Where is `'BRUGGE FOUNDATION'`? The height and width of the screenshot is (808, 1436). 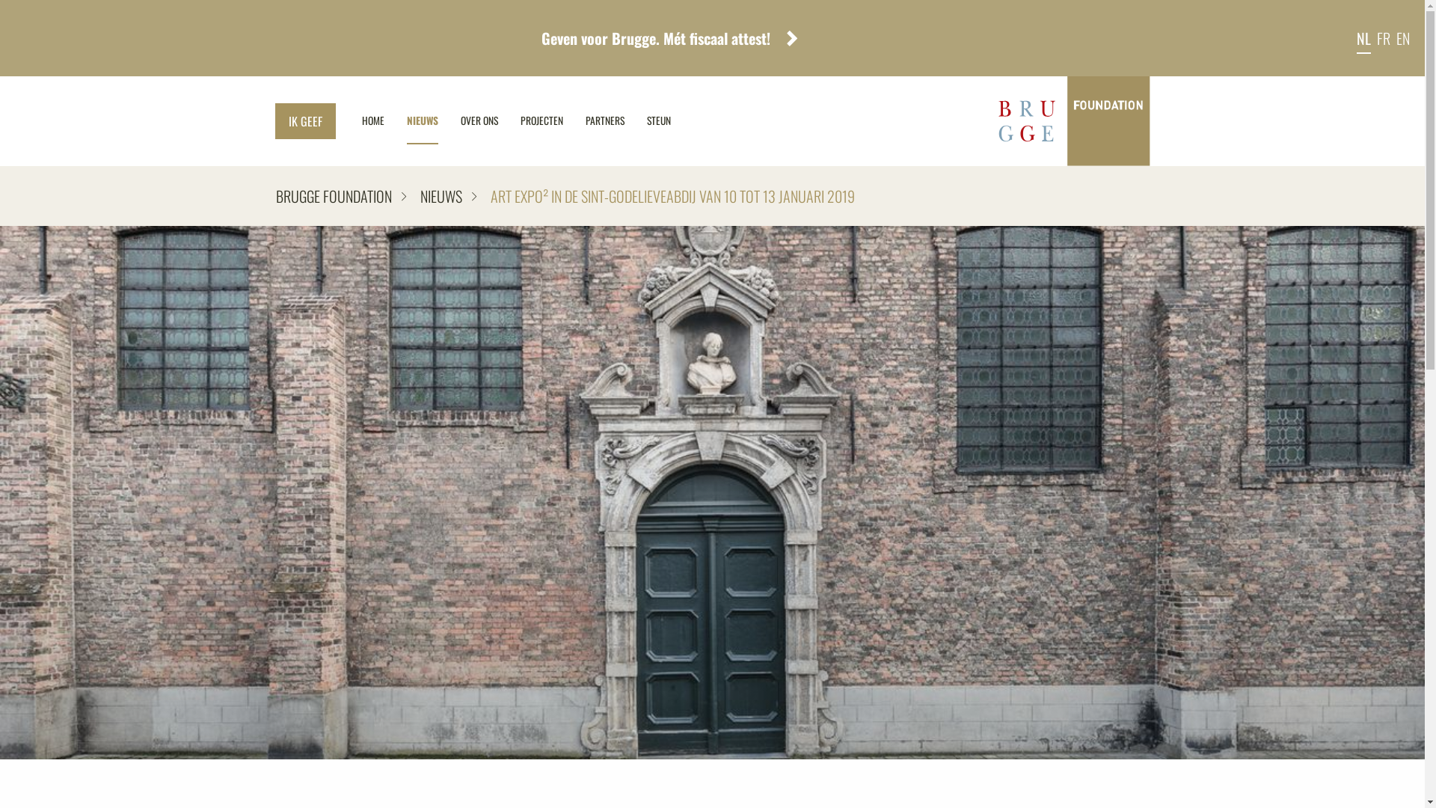 'BRUGGE FOUNDATION' is located at coordinates (340, 195).